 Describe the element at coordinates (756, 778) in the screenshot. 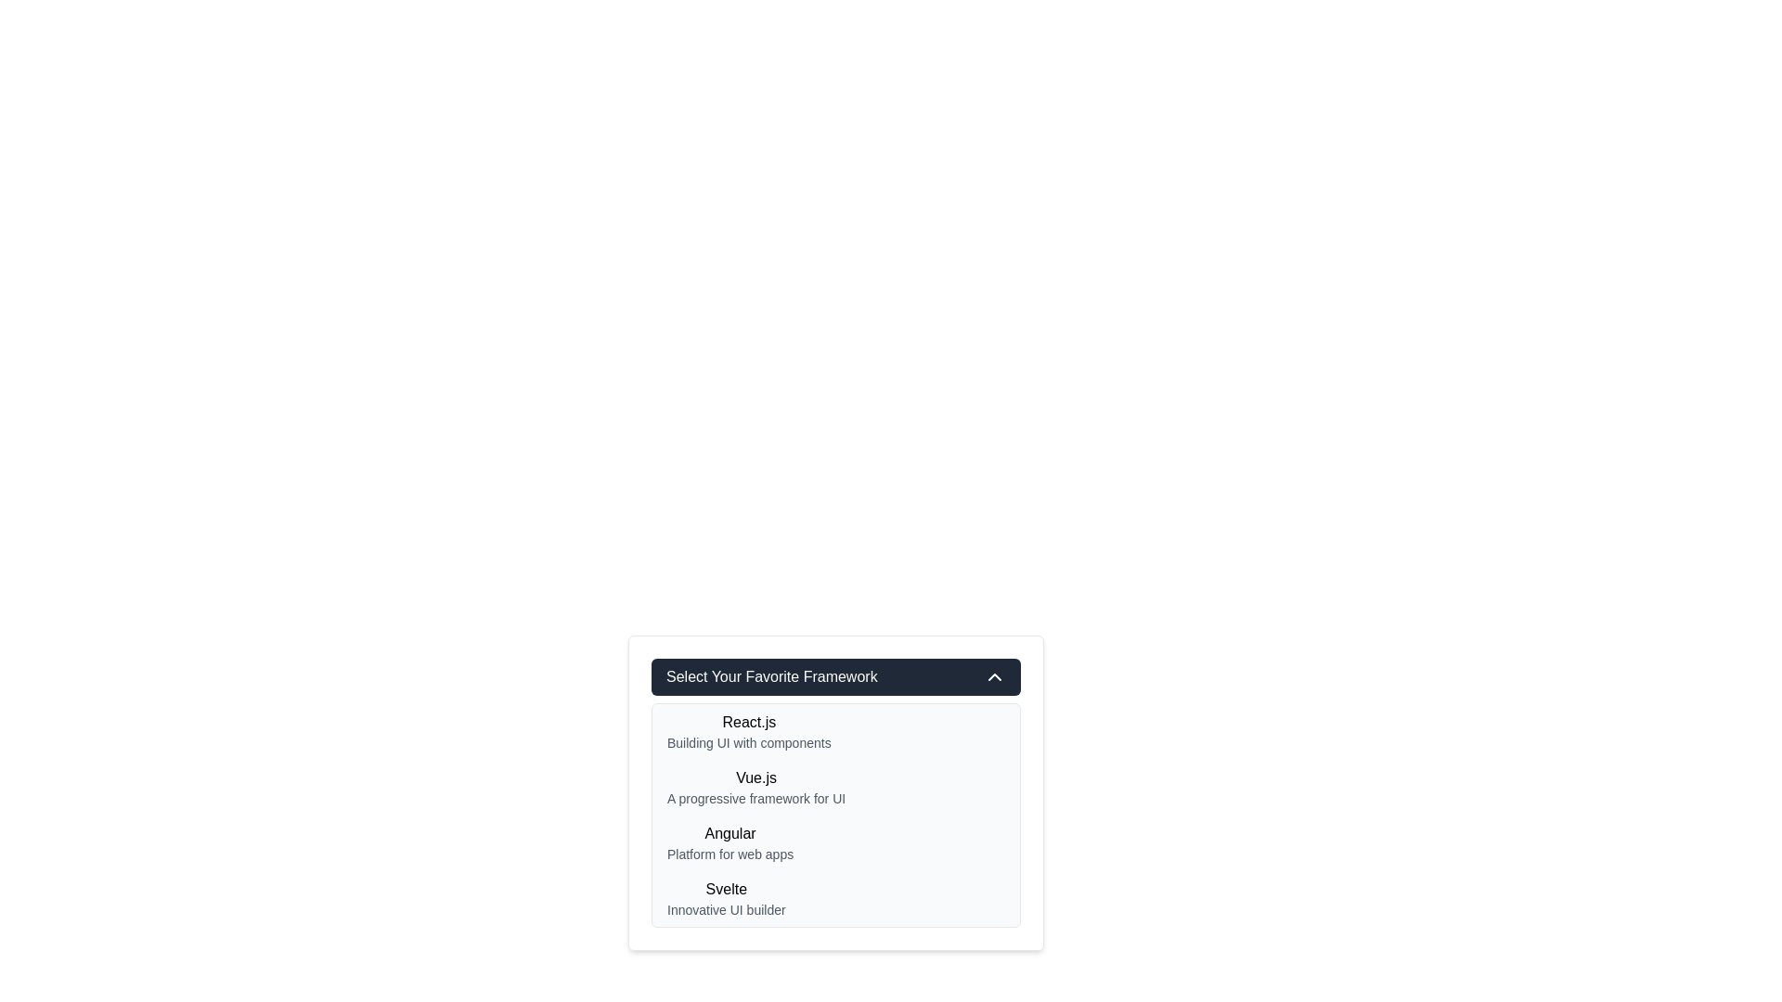

I see `the static text element reading 'Vue.js' within the 'Select Your Favorite Framework' dropdown menu` at that location.